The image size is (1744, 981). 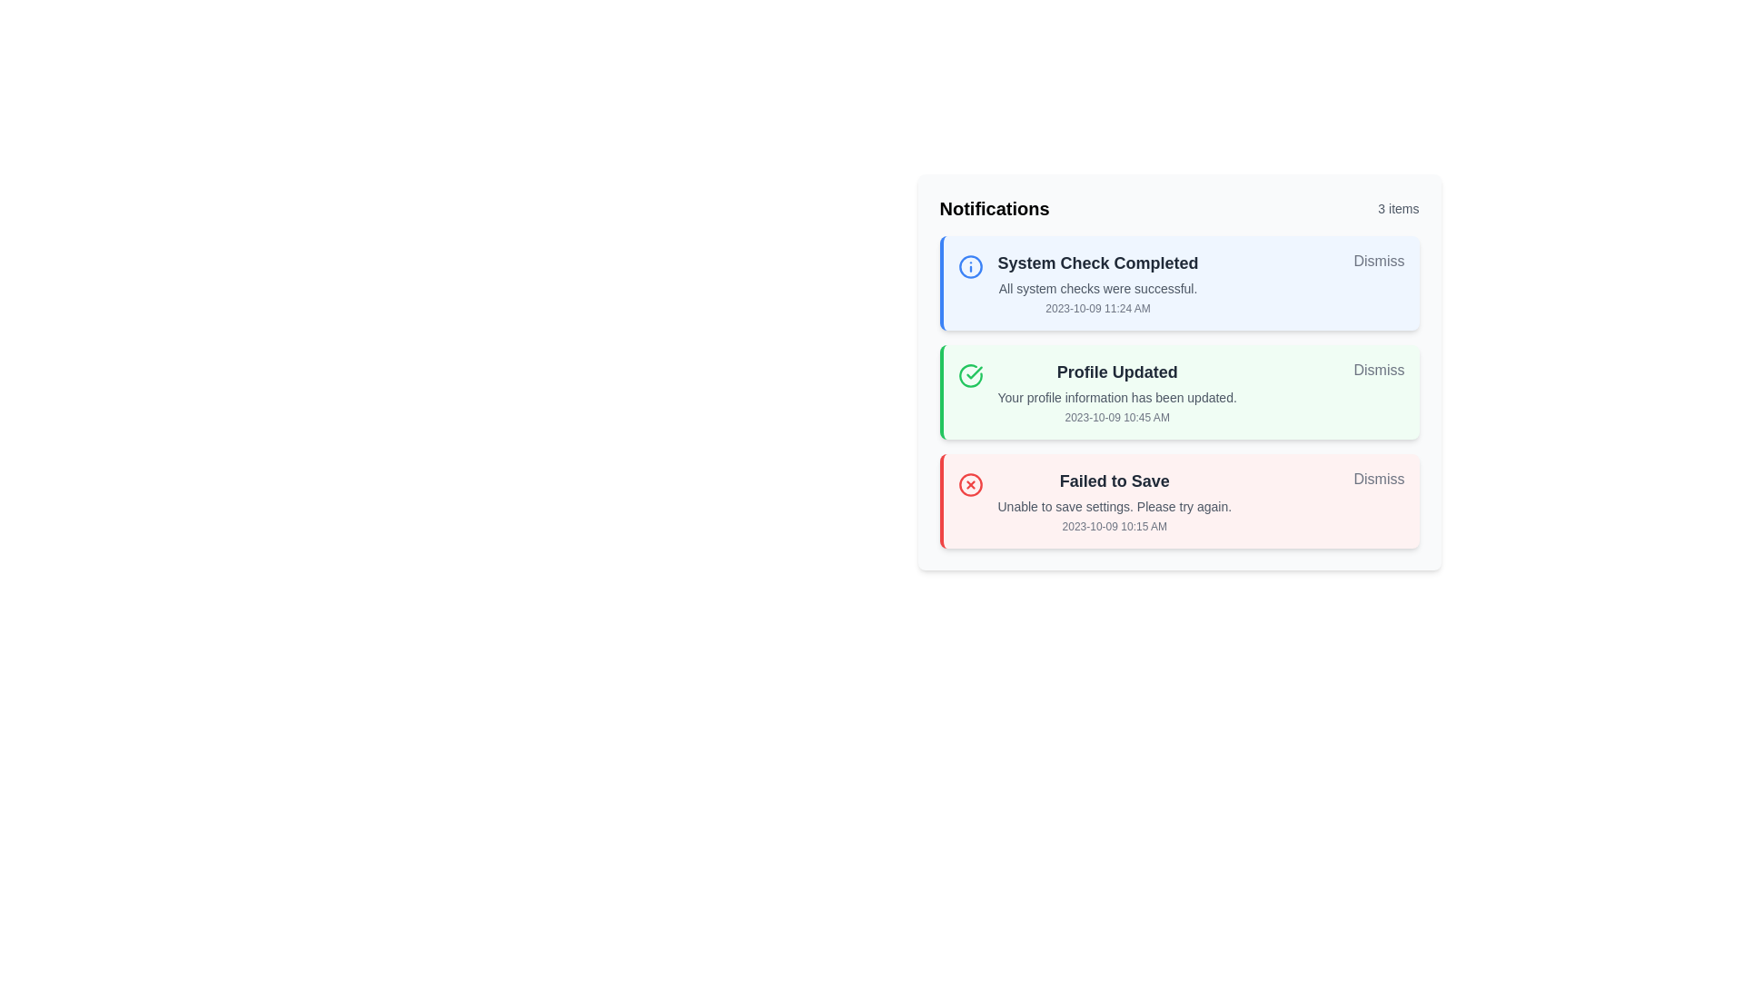 What do you see at coordinates (969, 483) in the screenshot?
I see `the error icon indicating a failure state in the 'Failed to Save' notification located at the bottom of the notifications list` at bounding box center [969, 483].